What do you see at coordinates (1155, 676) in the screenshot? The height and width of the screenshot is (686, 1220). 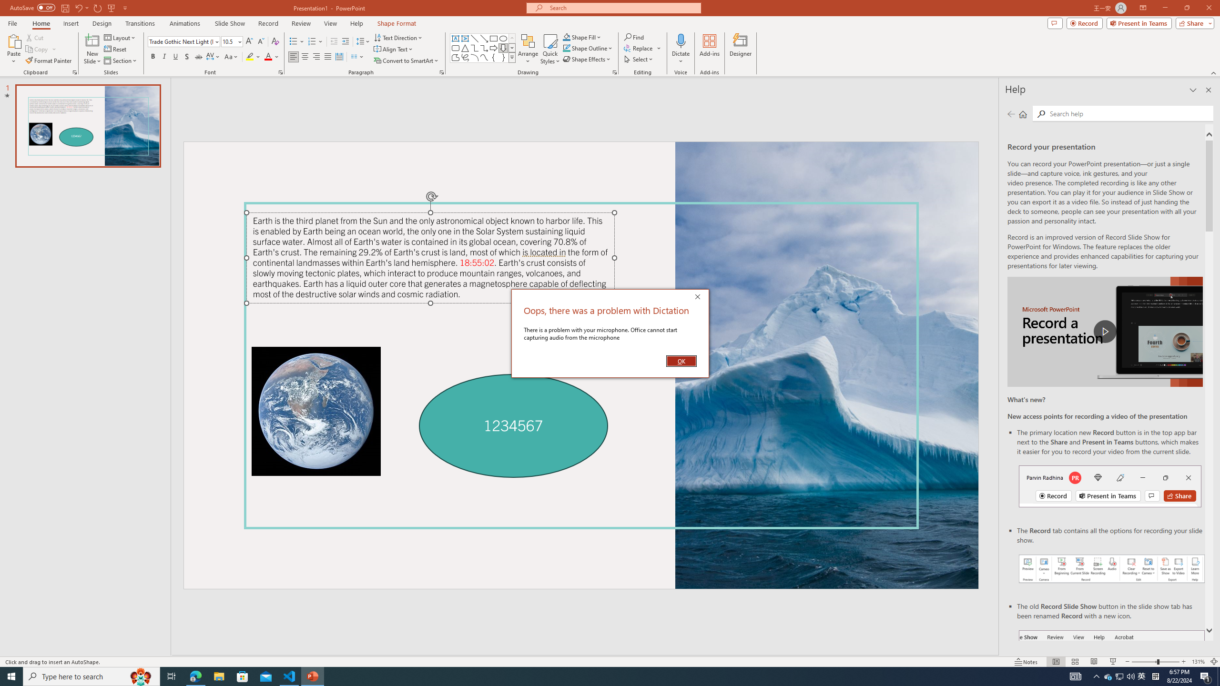 I see `'Tray Input Indicator - Chinese (Simplified, China)'` at bounding box center [1155, 676].